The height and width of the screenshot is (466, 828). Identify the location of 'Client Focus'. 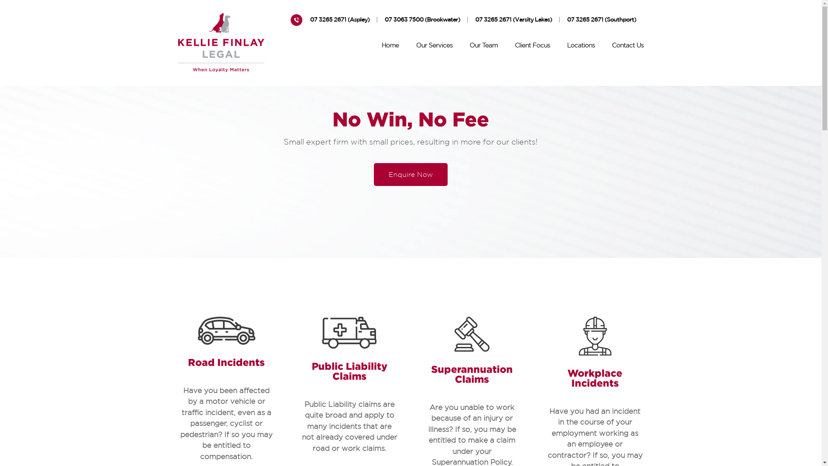
(532, 47).